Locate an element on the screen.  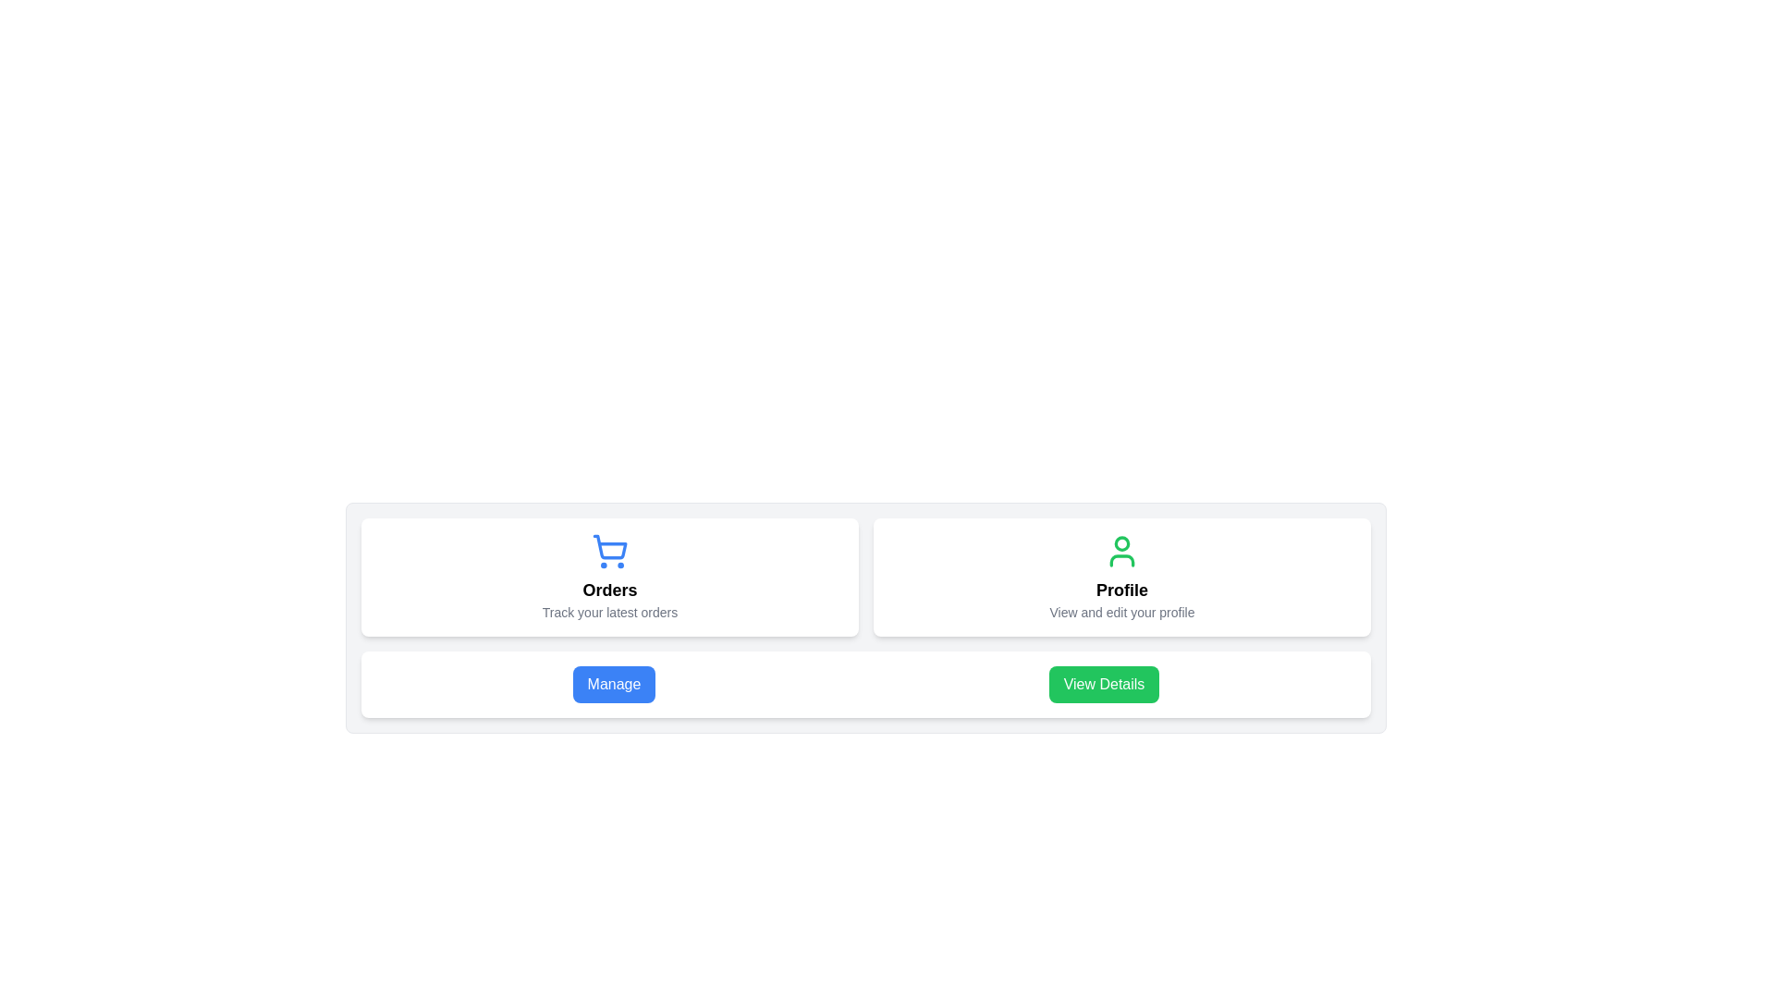
the interactive button located in the bottom section of the 'Orders' module, positioned to the left of the 'View Details' button, to observe the color change is located at coordinates (614, 684).